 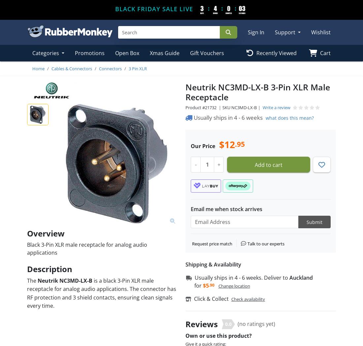 I want to click on 'Rode Lavalier GO Omnidirectional Lavalier Microphone for Wireless GO Systems', so click(x=218, y=106).